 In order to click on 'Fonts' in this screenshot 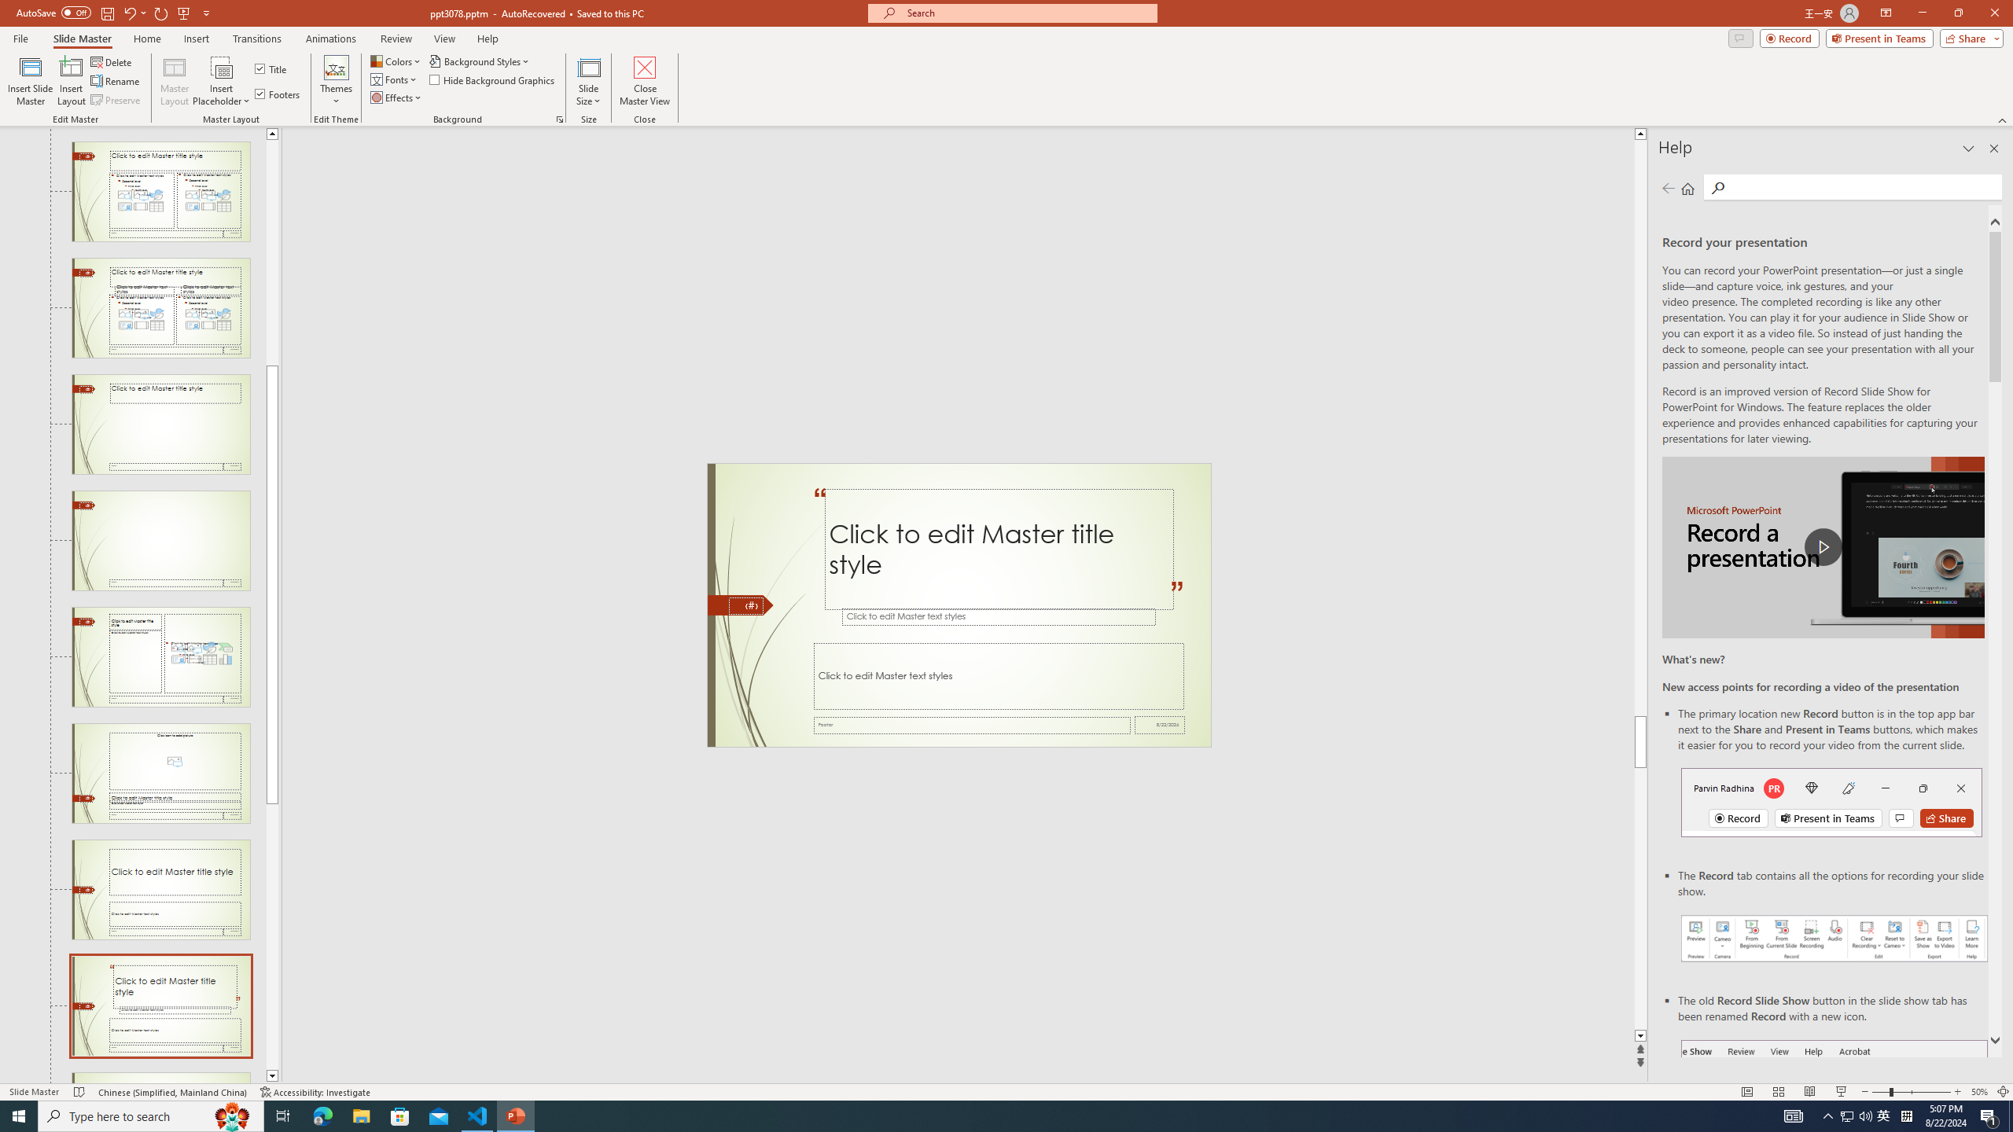, I will do `click(395, 78)`.